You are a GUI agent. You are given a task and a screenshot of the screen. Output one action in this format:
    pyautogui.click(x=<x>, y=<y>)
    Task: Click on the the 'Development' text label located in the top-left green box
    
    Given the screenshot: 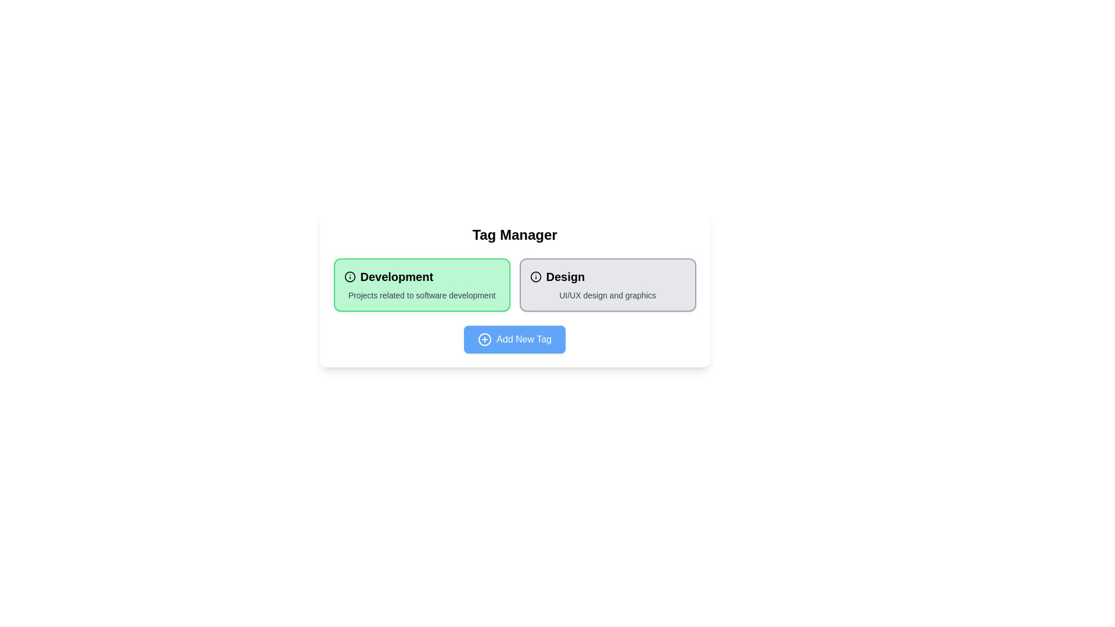 What is the action you would take?
    pyautogui.click(x=421, y=277)
    